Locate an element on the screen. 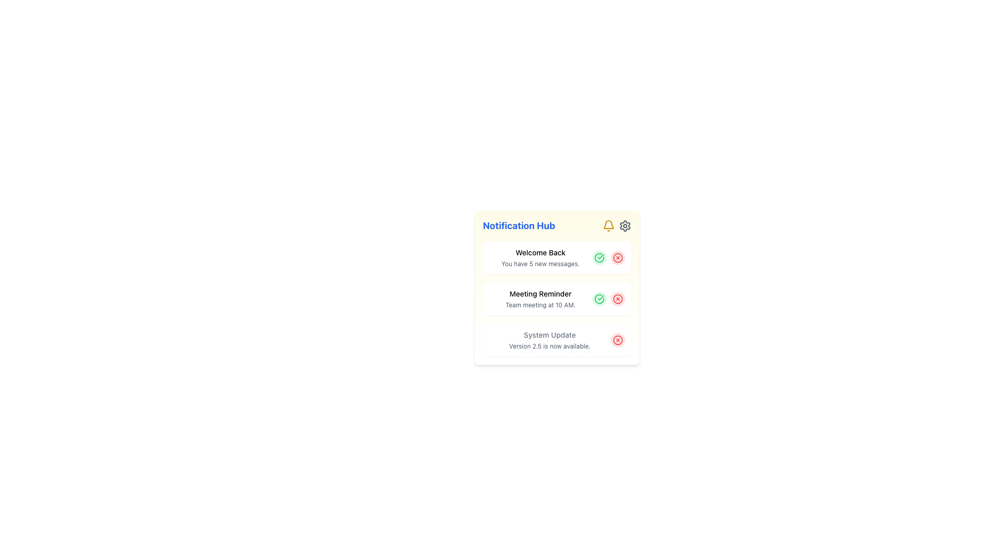 The height and width of the screenshot is (556, 988). the status indicator icon in the 'Meeting Reminder' notification is located at coordinates (599, 257).